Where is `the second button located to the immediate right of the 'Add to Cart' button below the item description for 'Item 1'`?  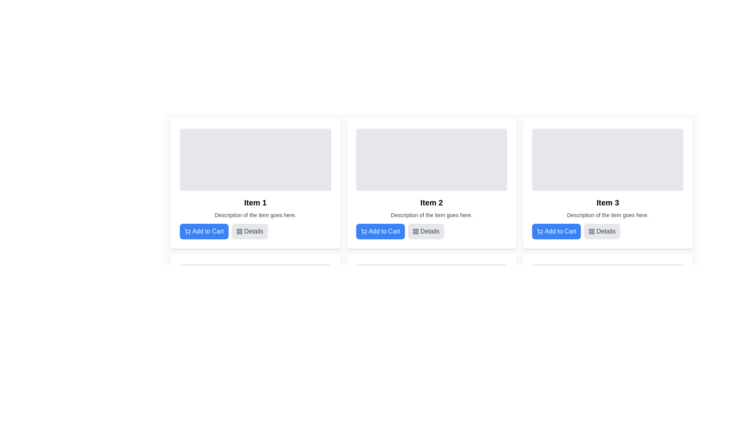 the second button located to the immediate right of the 'Add to Cart' button below the item description for 'Item 1' is located at coordinates (250, 231).